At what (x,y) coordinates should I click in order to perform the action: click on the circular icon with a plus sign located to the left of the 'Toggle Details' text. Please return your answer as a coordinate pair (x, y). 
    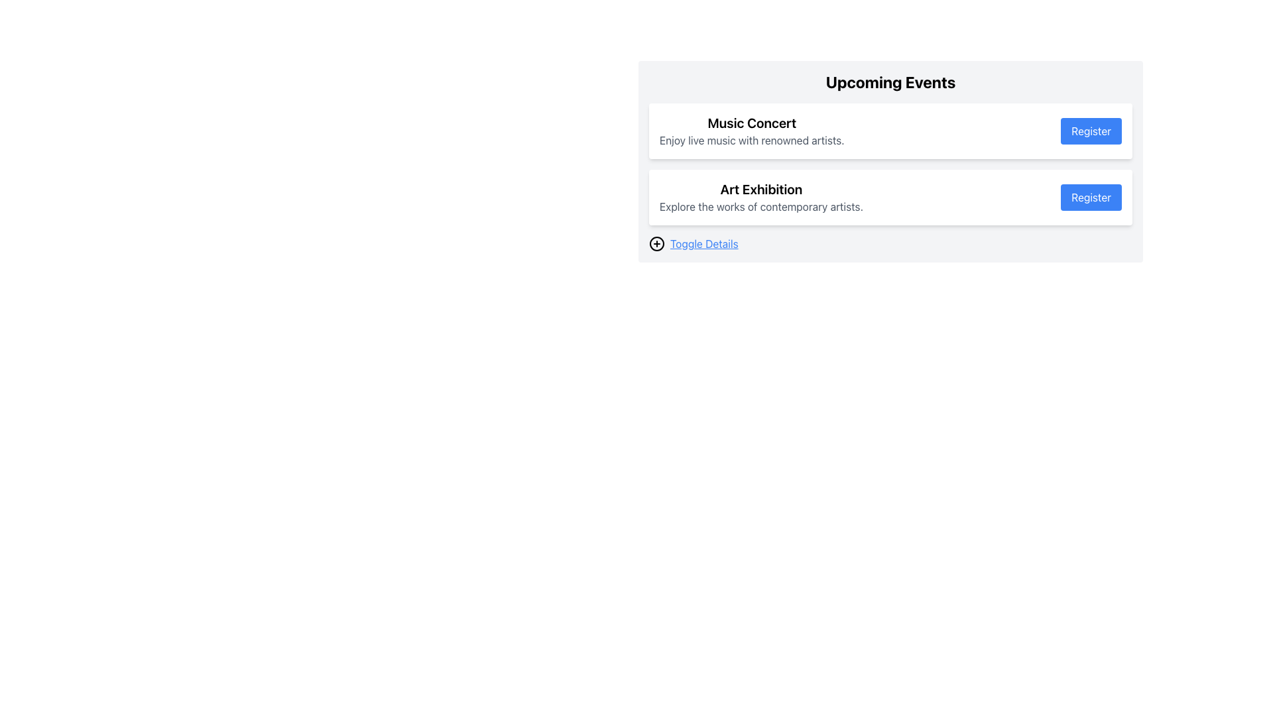
    Looking at the image, I should click on (656, 243).